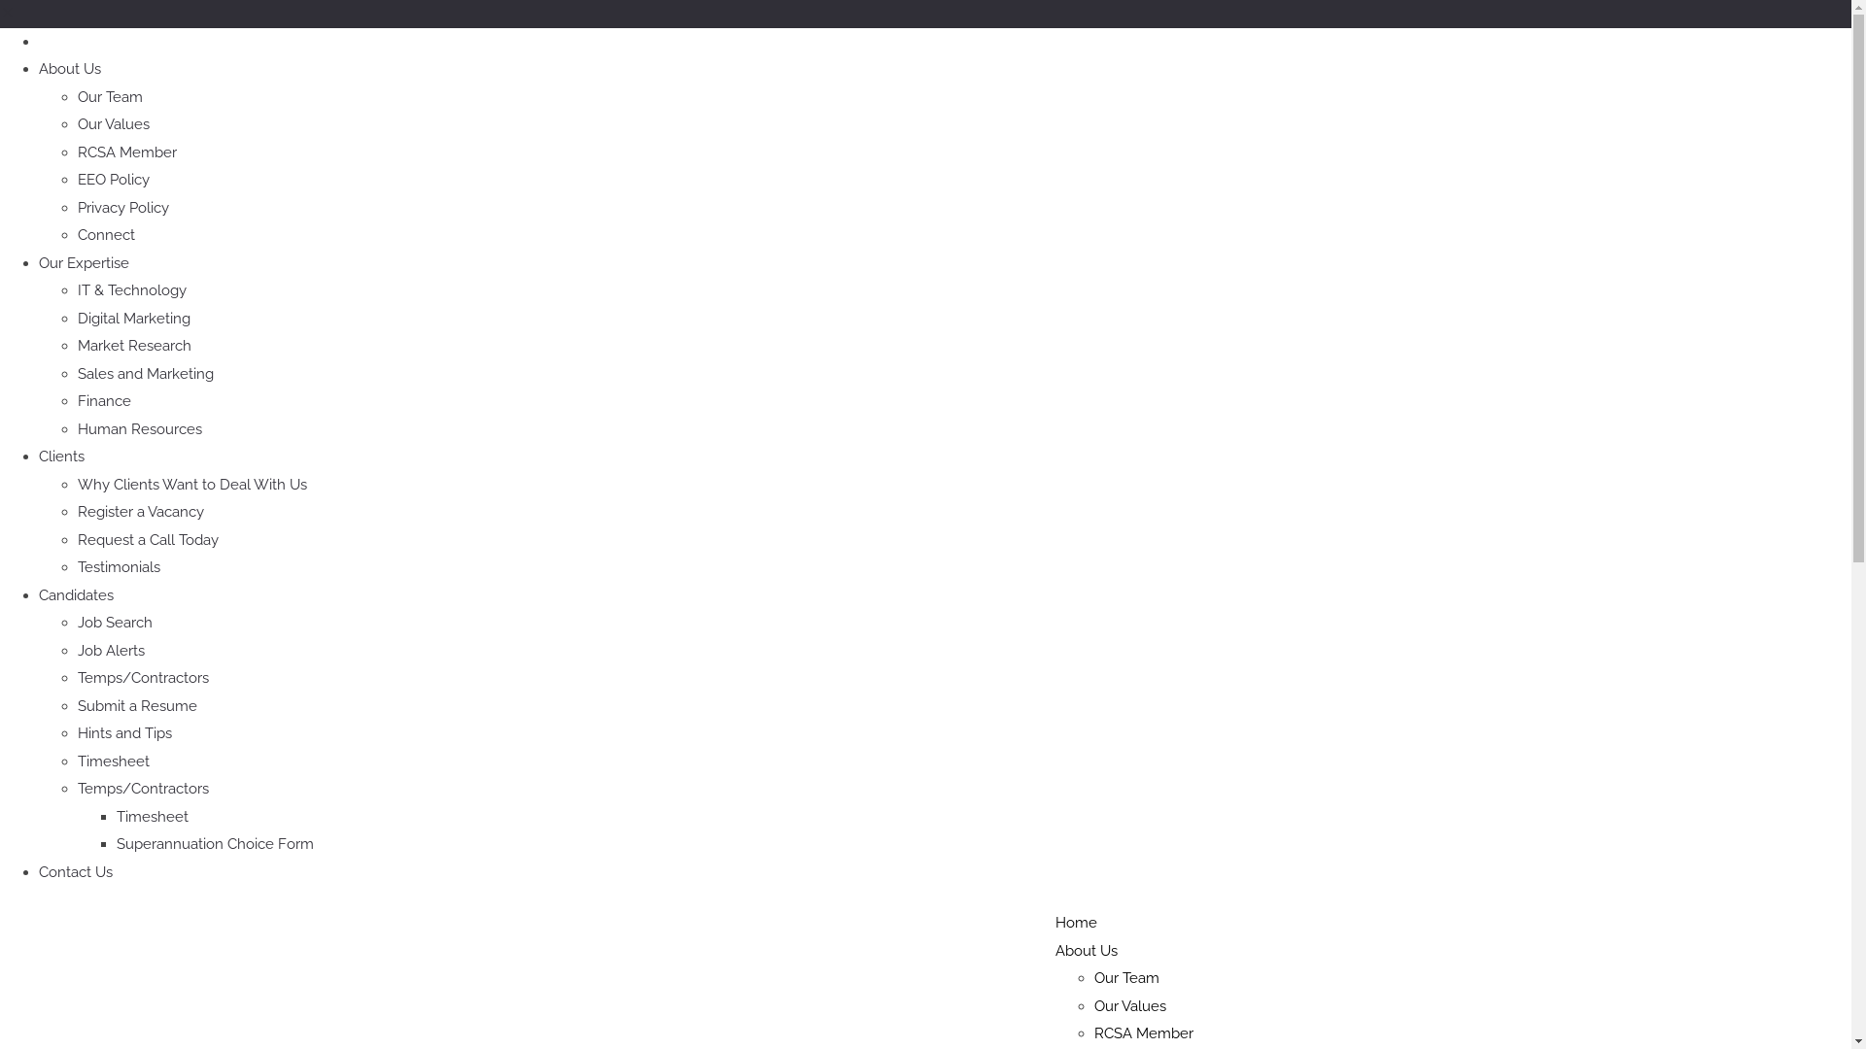  What do you see at coordinates (105, 234) in the screenshot?
I see `'Connect'` at bounding box center [105, 234].